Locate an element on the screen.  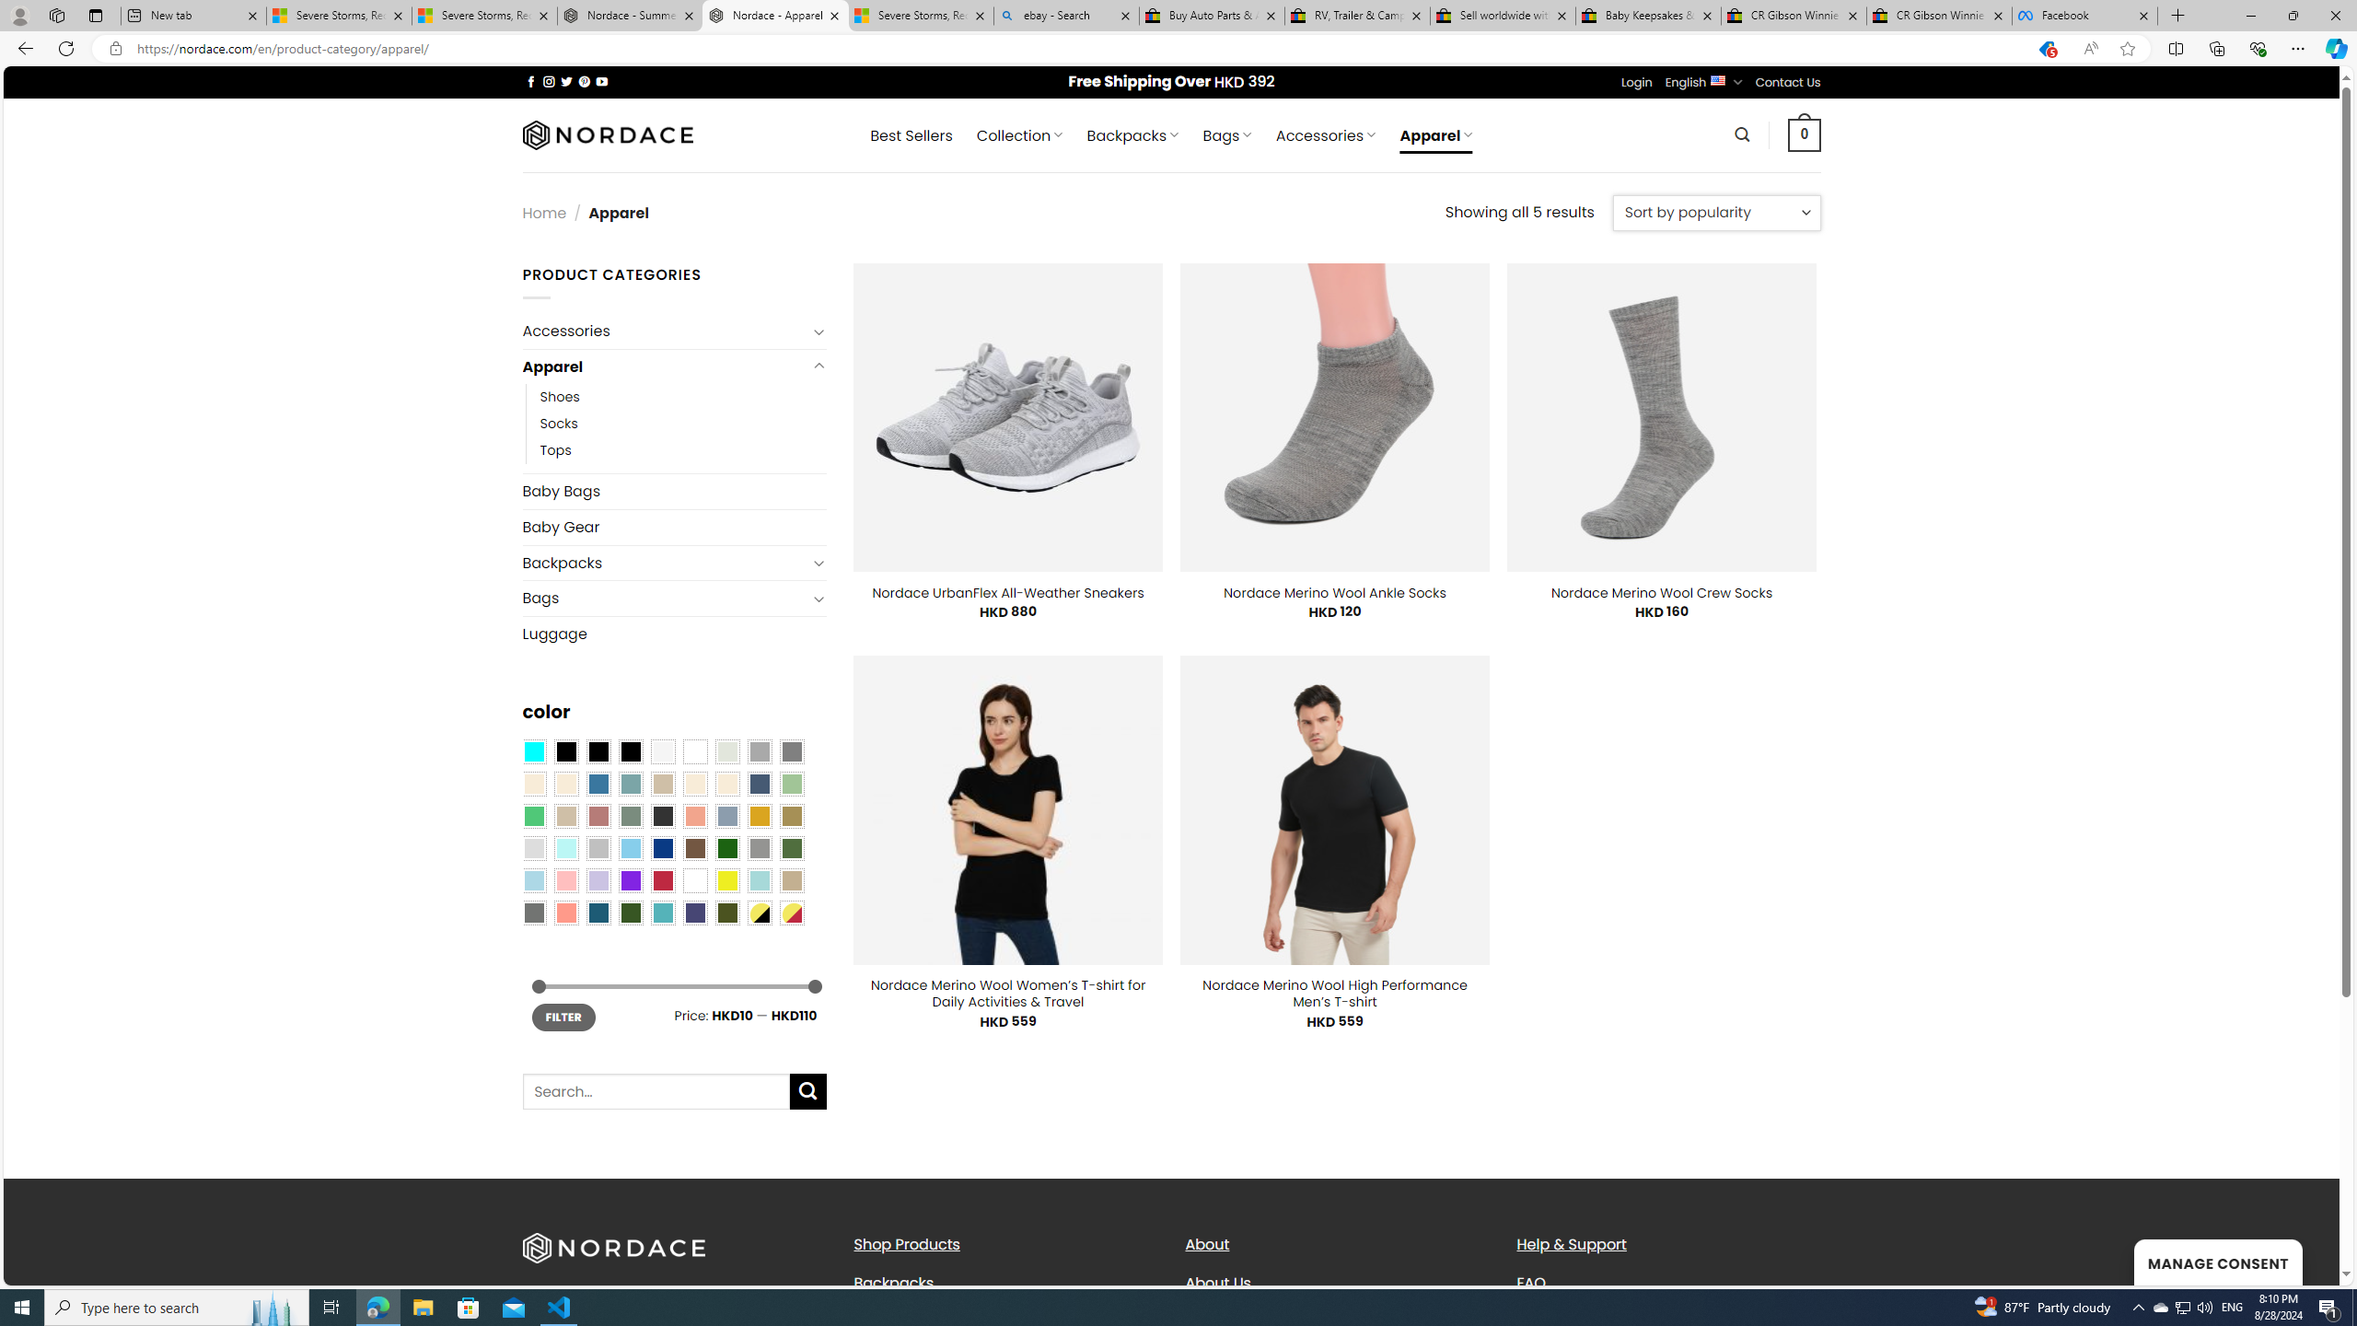
'English' is located at coordinates (1718, 80).